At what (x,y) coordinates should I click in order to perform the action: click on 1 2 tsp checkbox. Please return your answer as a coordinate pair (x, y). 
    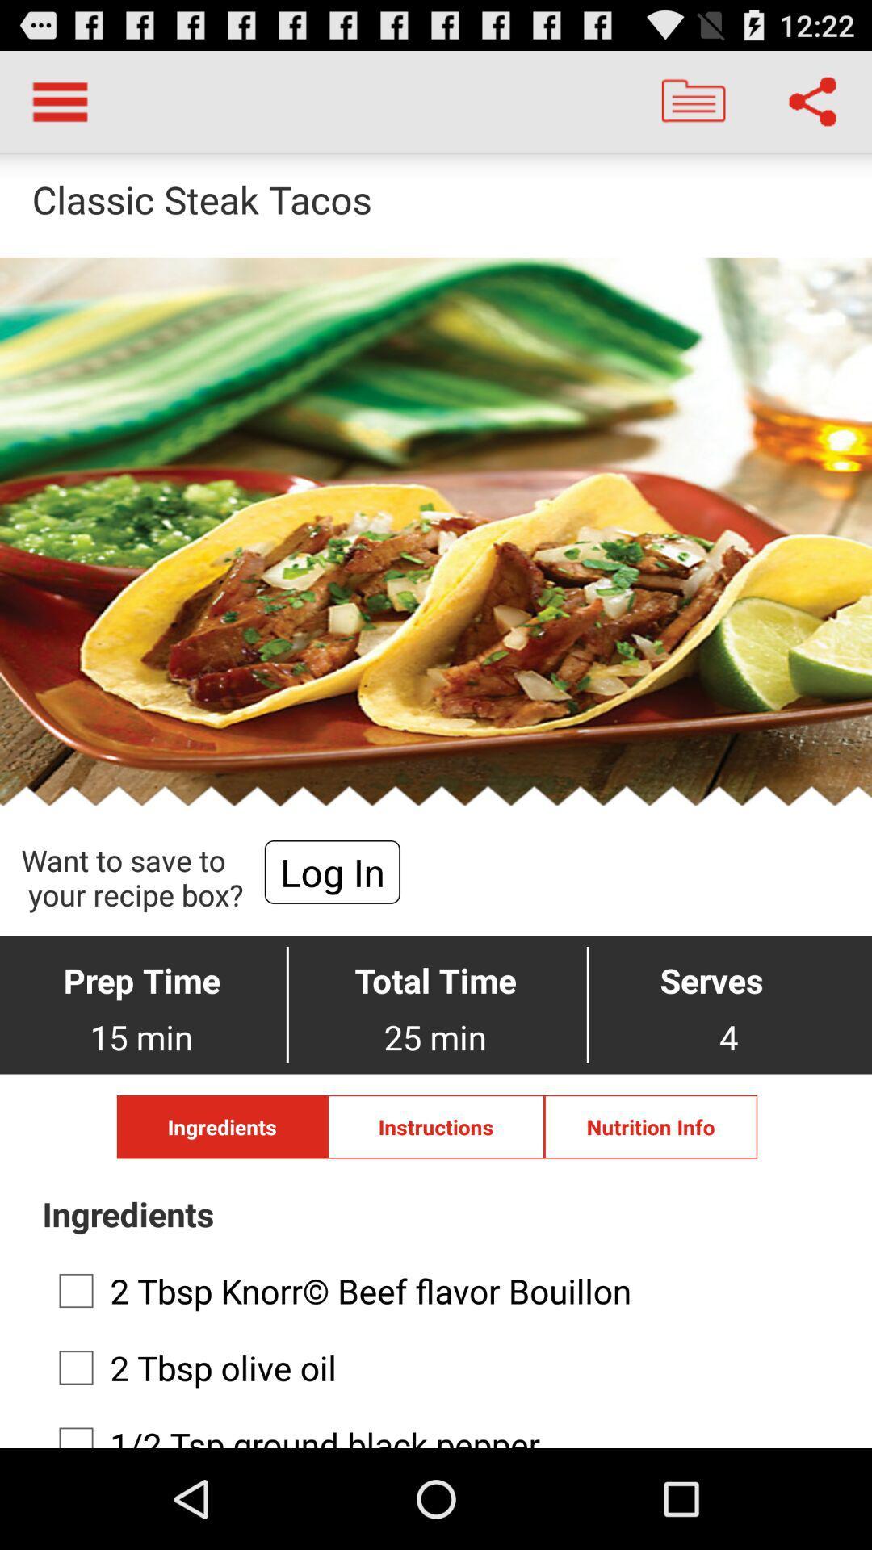
    Looking at the image, I should click on (430, 1429).